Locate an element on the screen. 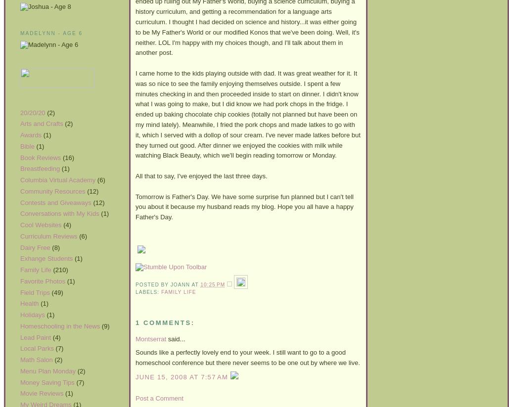  'Posted by' is located at coordinates (153, 284).